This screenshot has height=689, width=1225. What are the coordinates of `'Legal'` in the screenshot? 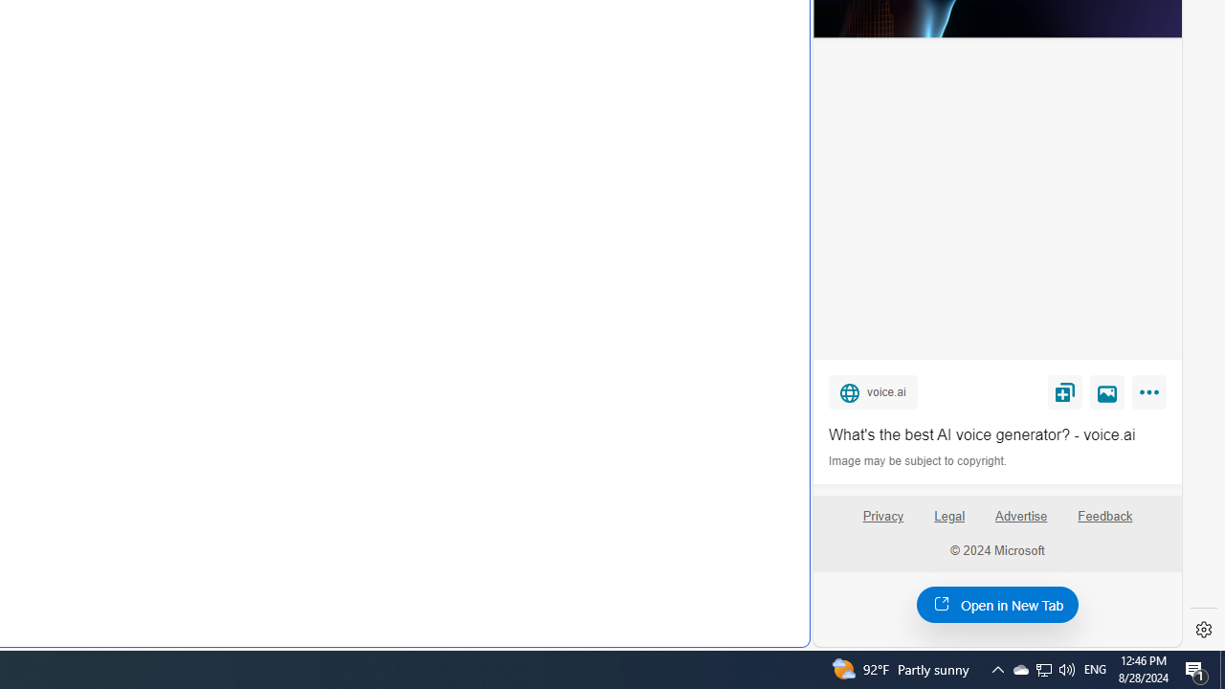 It's located at (949, 515).